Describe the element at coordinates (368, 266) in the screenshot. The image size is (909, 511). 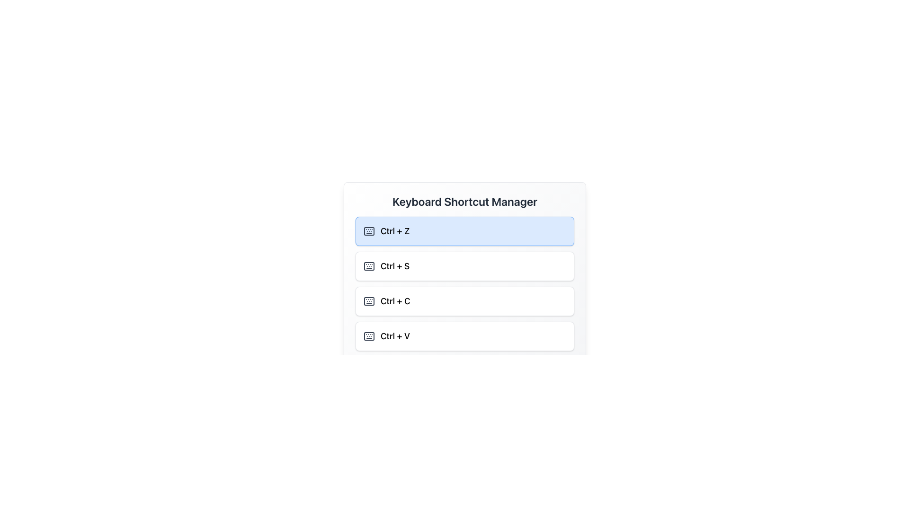
I see `the rectangular graphical shape resembling the body of a keyboard icon, located within the 'Keyboard' icon in the second item of the listed control shortcuts` at that location.